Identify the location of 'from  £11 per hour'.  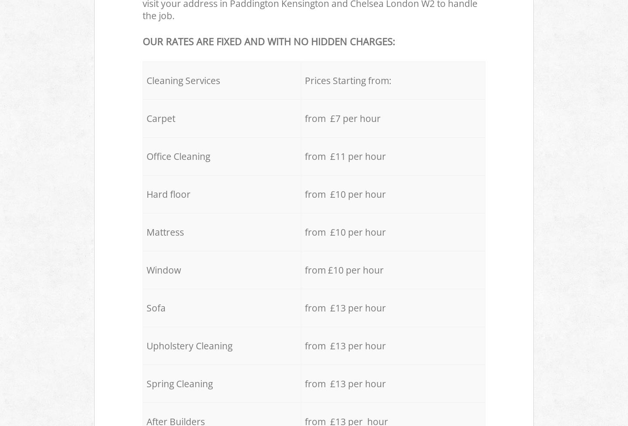
(345, 156).